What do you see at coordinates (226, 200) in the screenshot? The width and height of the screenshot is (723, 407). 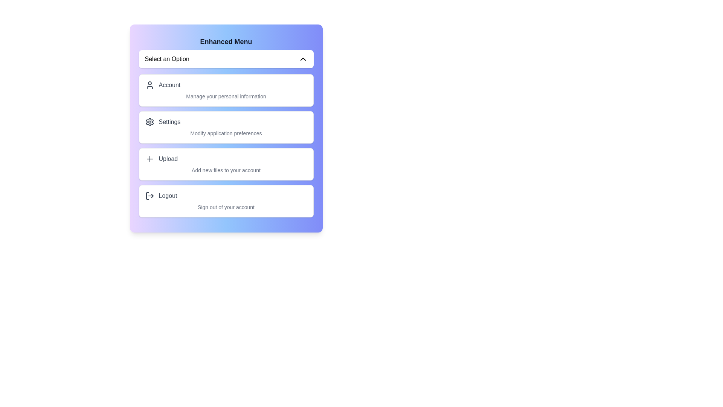 I see `the menu option corresponding to Logout to select it` at bounding box center [226, 200].